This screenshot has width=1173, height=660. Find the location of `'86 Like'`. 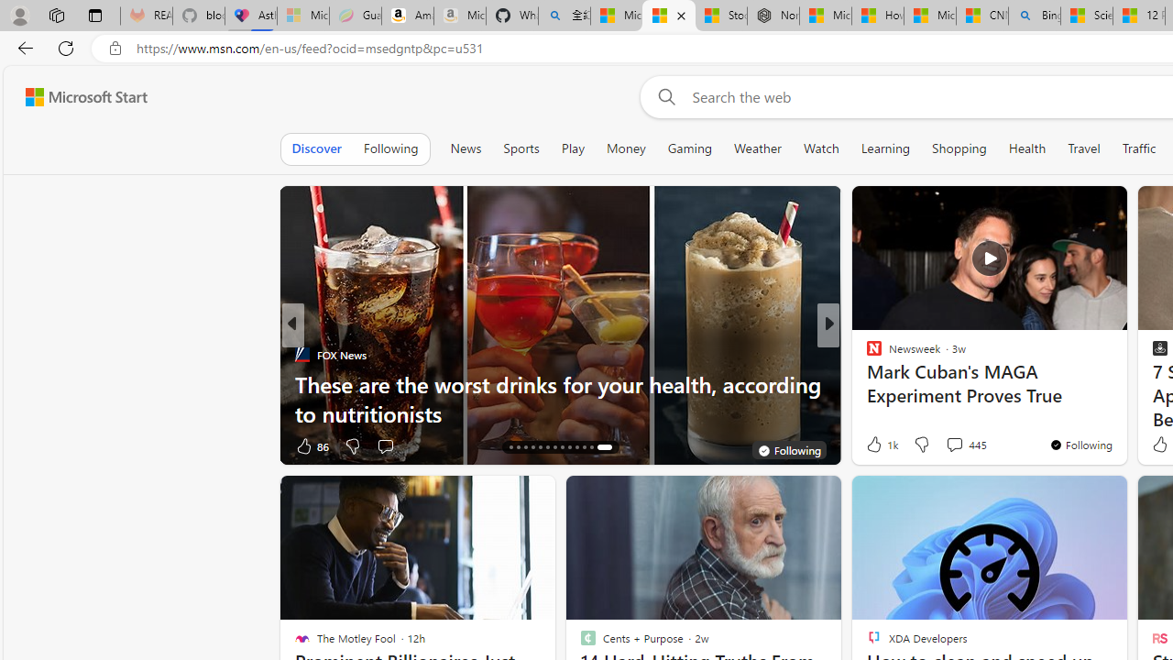

'86 Like' is located at coordinates (312, 445).